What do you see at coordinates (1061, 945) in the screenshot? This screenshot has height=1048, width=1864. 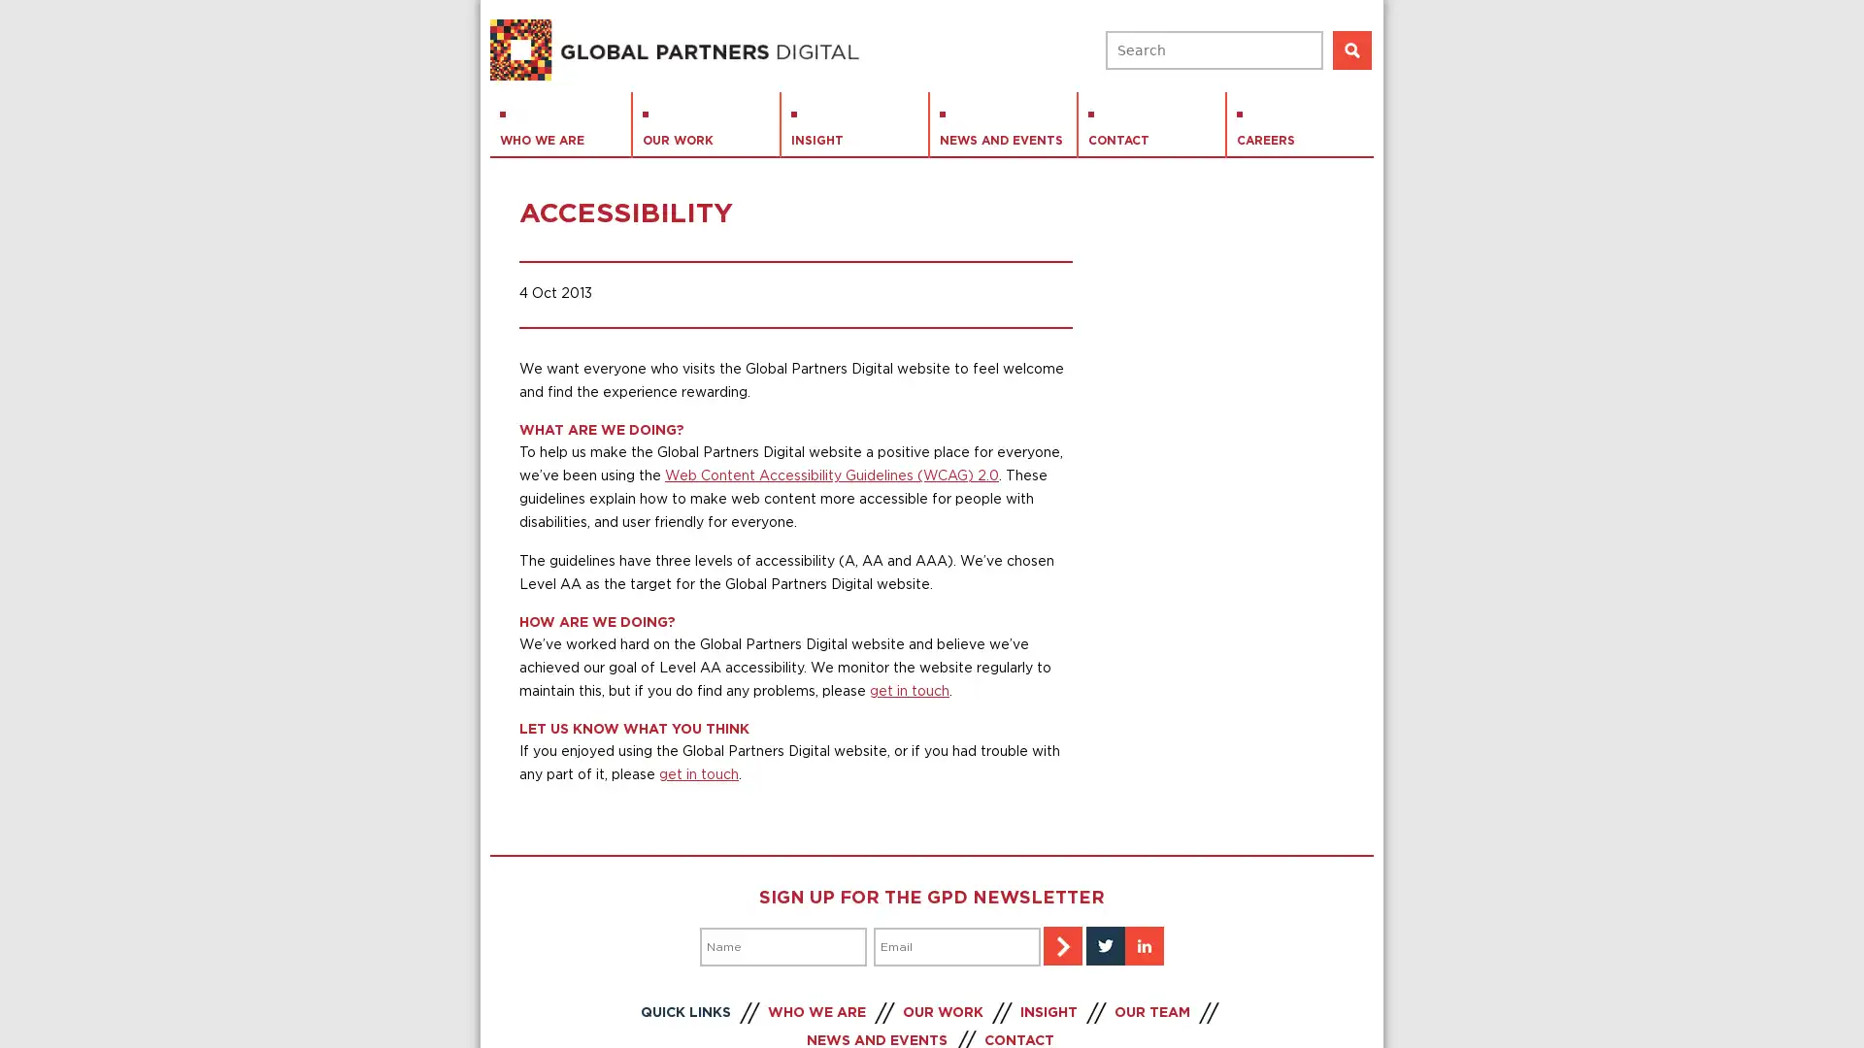 I see `Sign-up` at bounding box center [1061, 945].